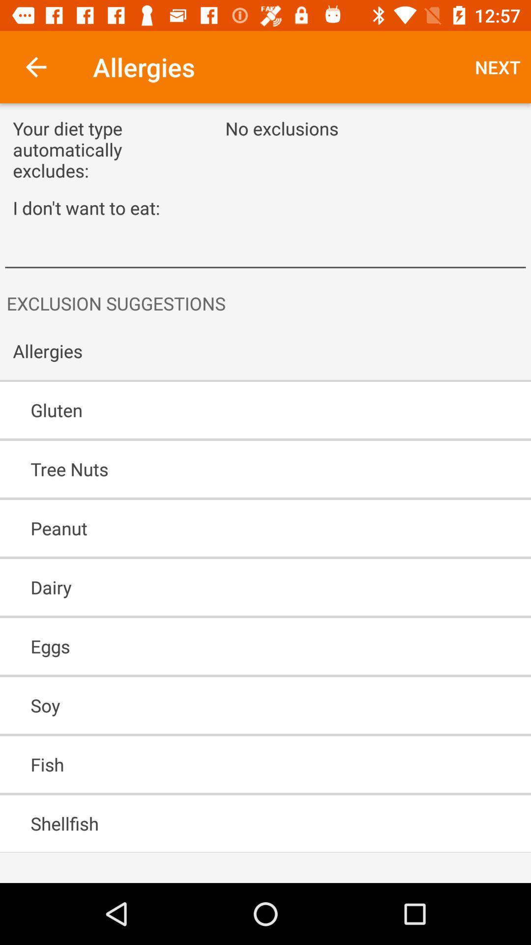 The width and height of the screenshot is (531, 945). What do you see at coordinates (237, 410) in the screenshot?
I see `the item above the     tree nuts` at bounding box center [237, 410].